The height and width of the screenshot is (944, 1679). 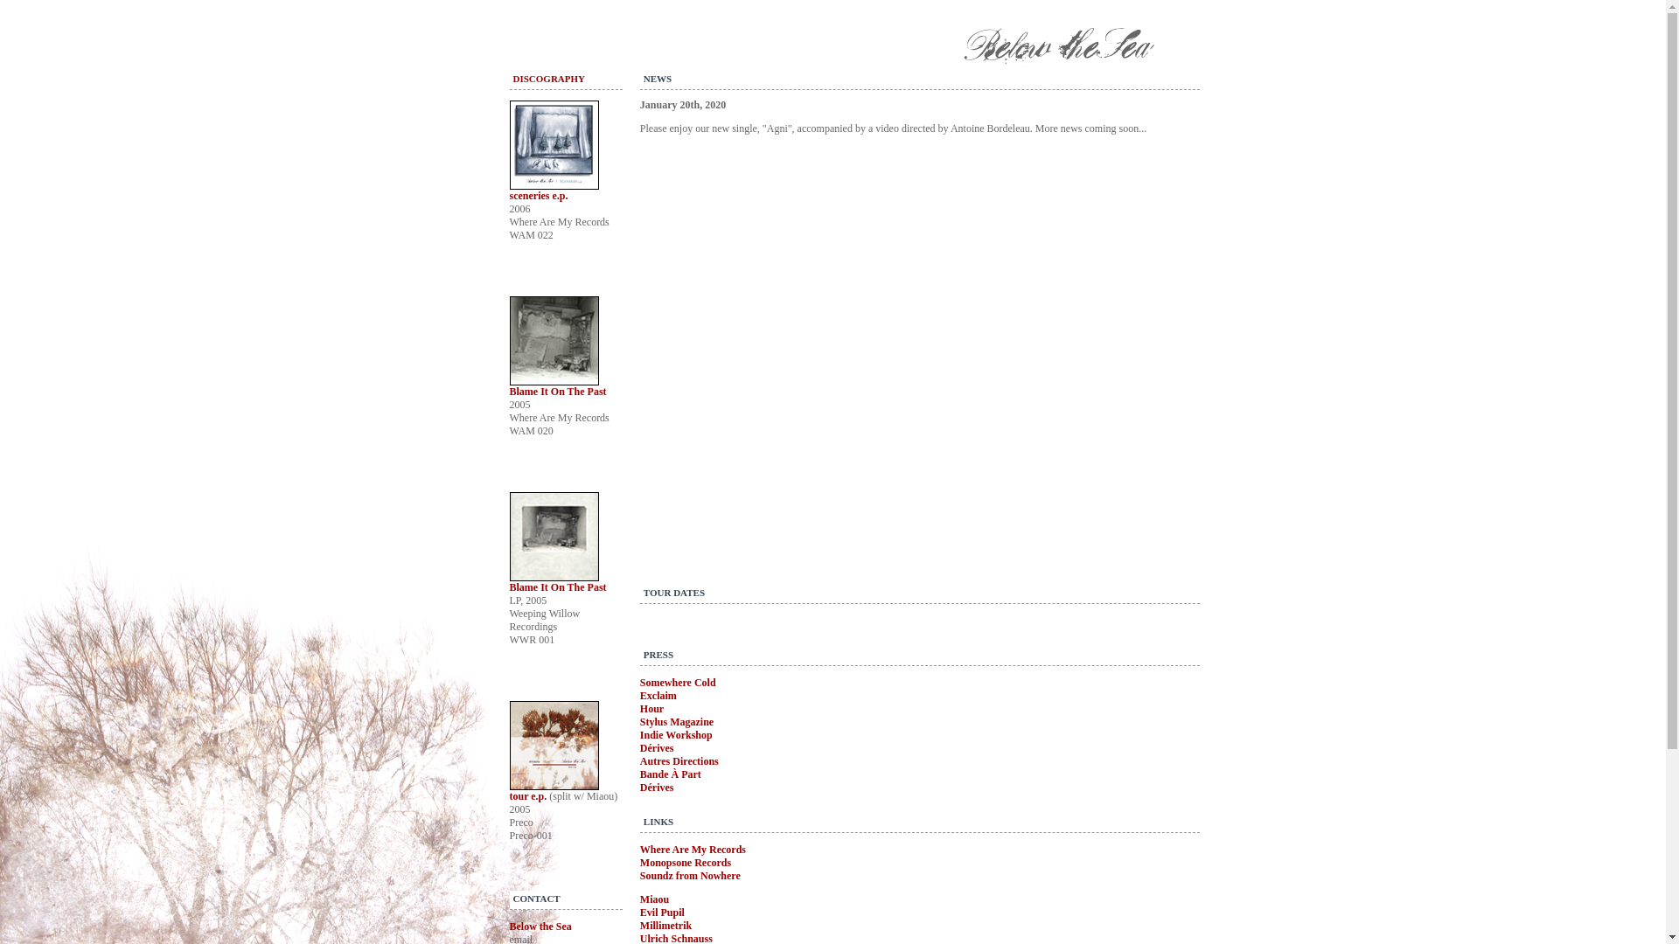 What do you see at coordinates (527, 795) in the screenshot?
I see `'tour e.p.'` at bounding box center [527, 795].